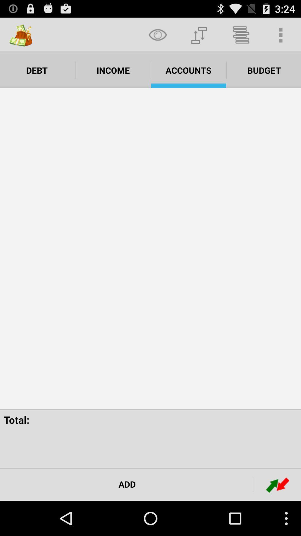 This screenshot has width=301, height=536. I want to click on the swap icon, so click(277, 518).